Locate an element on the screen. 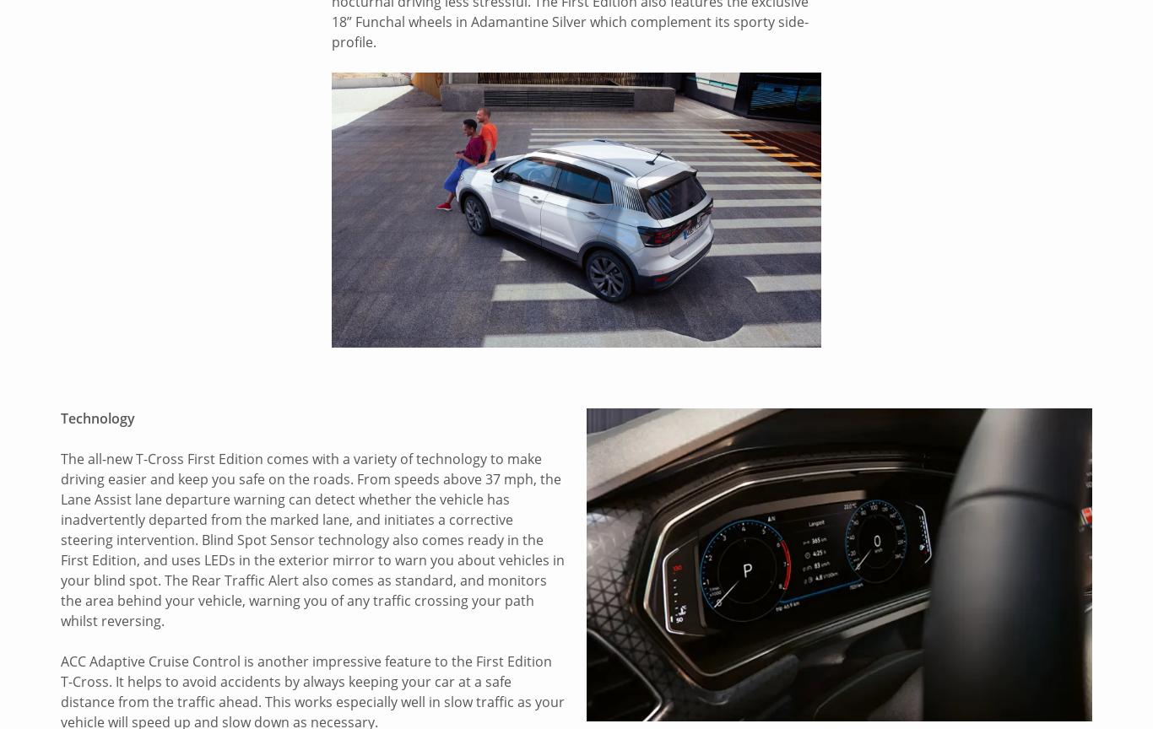 Image resolution: width=1153 pixels, height=729 pixels. 'Volvo' is located at coordinates (78, 545).